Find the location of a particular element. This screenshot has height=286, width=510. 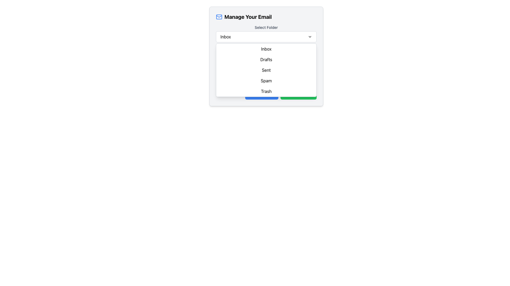

the 'Spam' option in the dropdown menu is located at coordinates (266, 81).